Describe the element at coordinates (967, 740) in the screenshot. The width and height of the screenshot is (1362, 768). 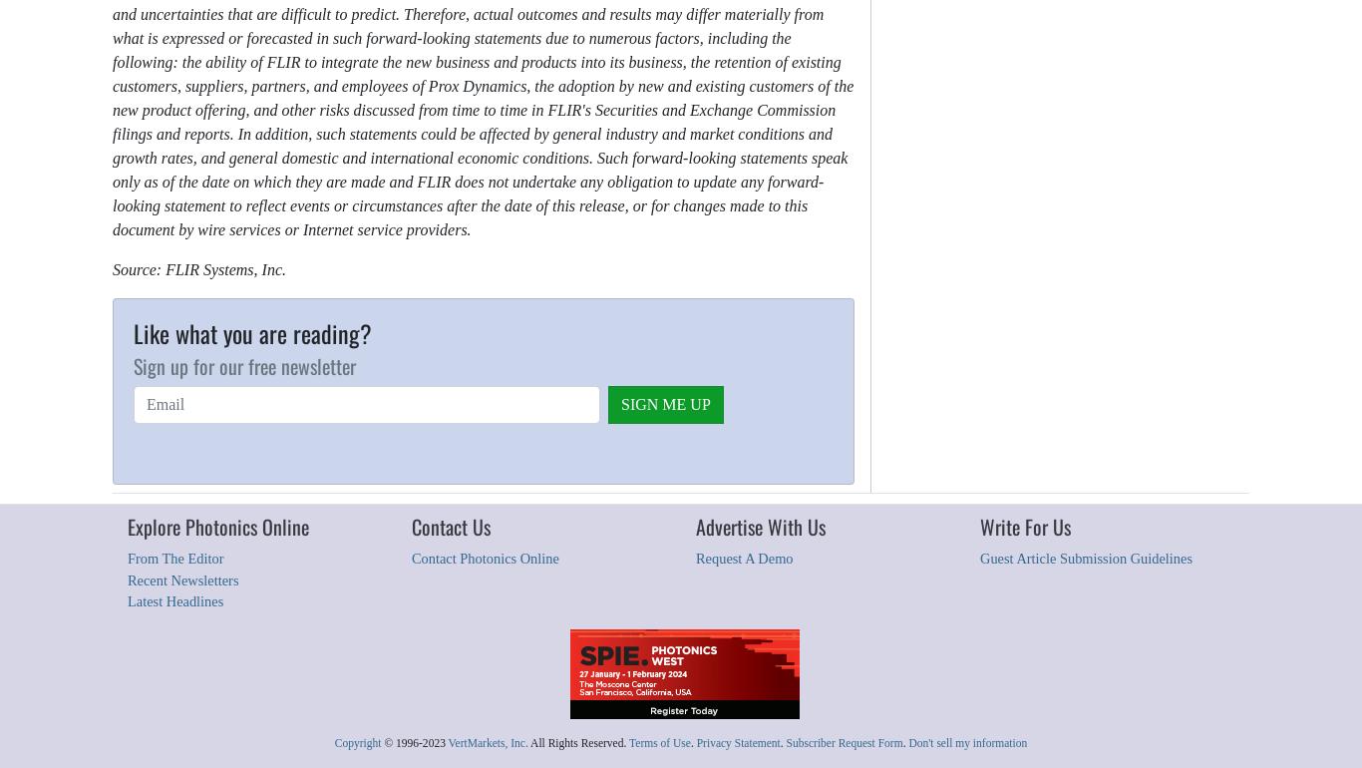
I see `'Don't sell my information'` at that location.